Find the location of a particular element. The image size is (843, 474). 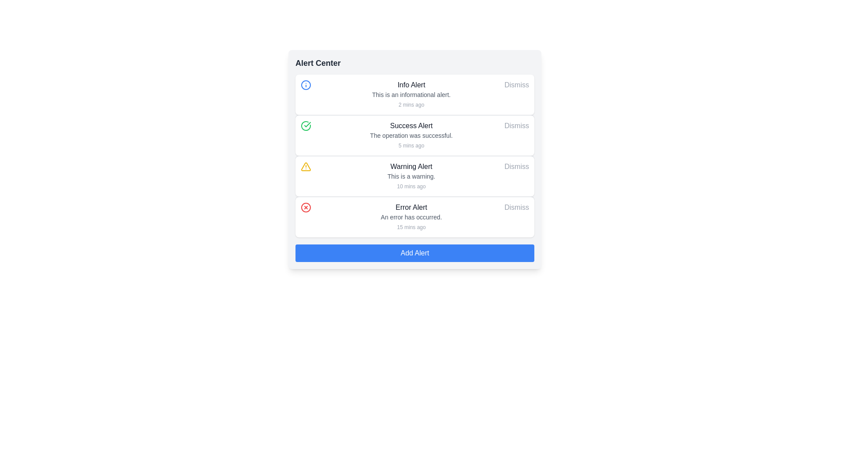

the supplementary information text element located below the 'Info Alert' in the alert list is located at coordinates (411, 95).